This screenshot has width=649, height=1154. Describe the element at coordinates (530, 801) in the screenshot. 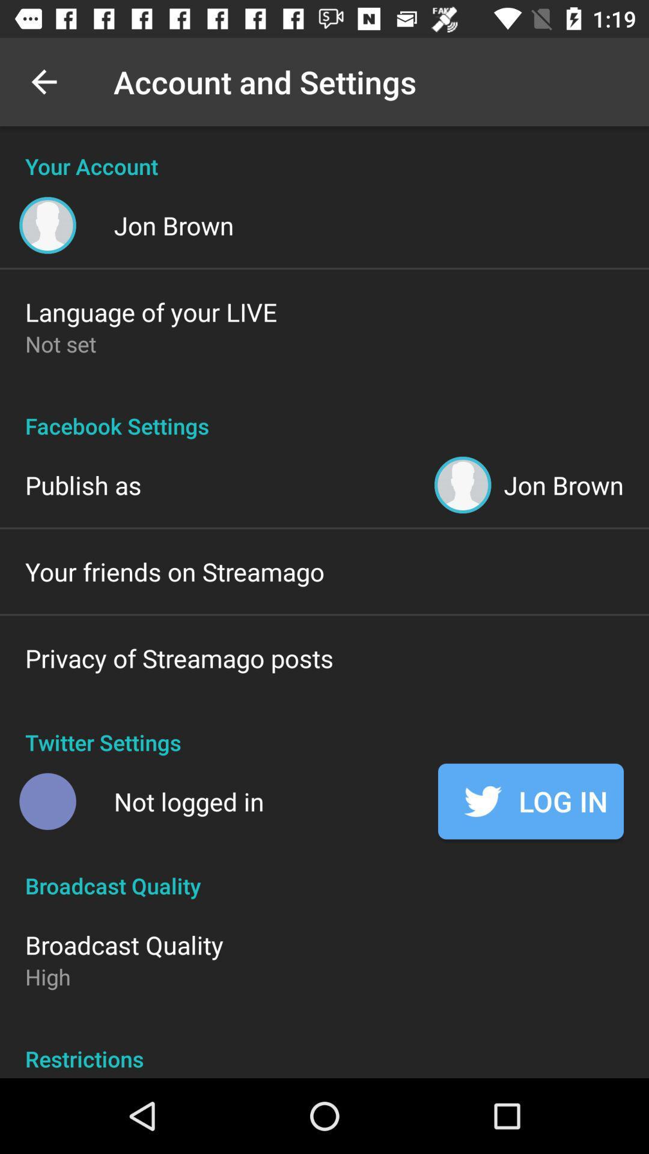

I see `item next to the not logged in` at that location.